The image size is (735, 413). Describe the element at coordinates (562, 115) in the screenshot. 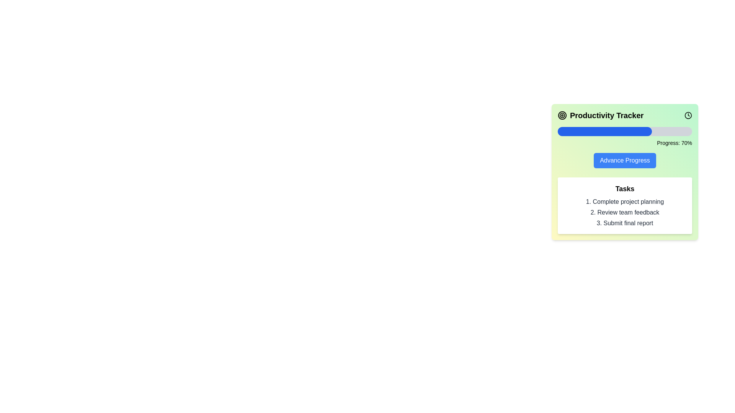

I see `the decorative SVG icon resembling a target located in the header section of the 'Productivity Tracker' card, which is to the immediate left of the text 'Productivity Tracker'` at that location.